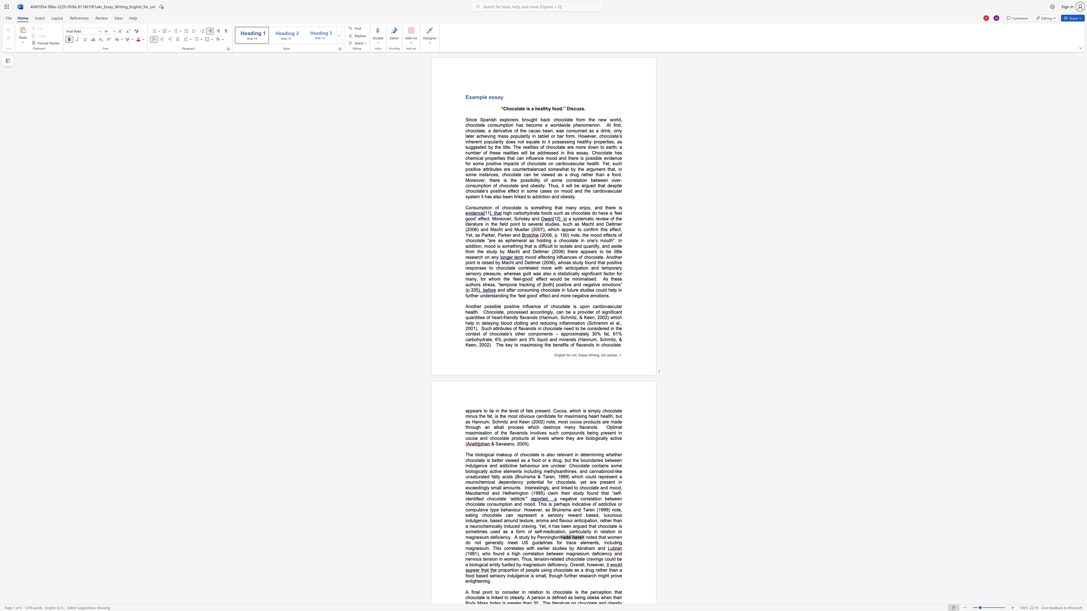 The height and width of the screenshot is (611, 1087). I want to click on the subset text "2005)." within the text "& Savaiano, 2005).", so click(516, 443).